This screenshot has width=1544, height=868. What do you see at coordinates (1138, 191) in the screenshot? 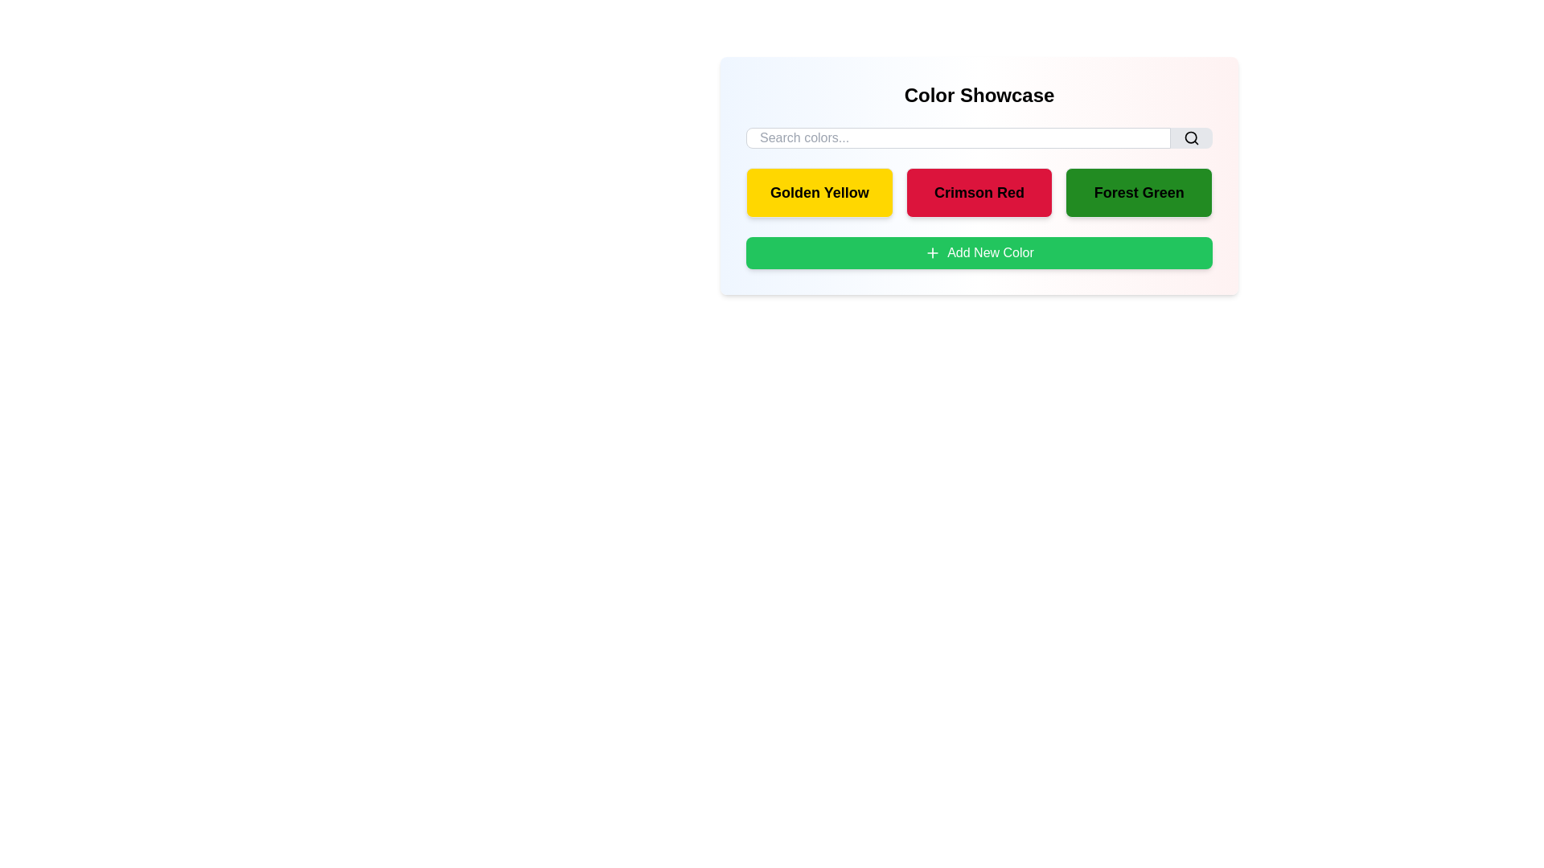
I see `text label that represents the 'Forest Green' color located within the green button, which is the third button from the left in the row of color options` at bounding box center [1138, 191].